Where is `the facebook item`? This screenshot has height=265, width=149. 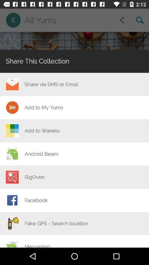
the facebook item is located at coordinates (36, 200).